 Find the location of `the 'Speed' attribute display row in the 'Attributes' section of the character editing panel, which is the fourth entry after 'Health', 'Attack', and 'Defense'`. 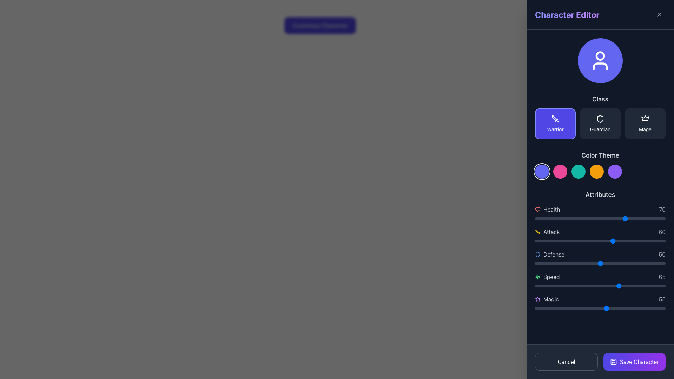

the 'Speed' attribute display row in the 'Attributes' section of the character editing panel, which is the fourth entry after 'Health', 'Attack', and 'Defense' is located at coordinates (600, 277).